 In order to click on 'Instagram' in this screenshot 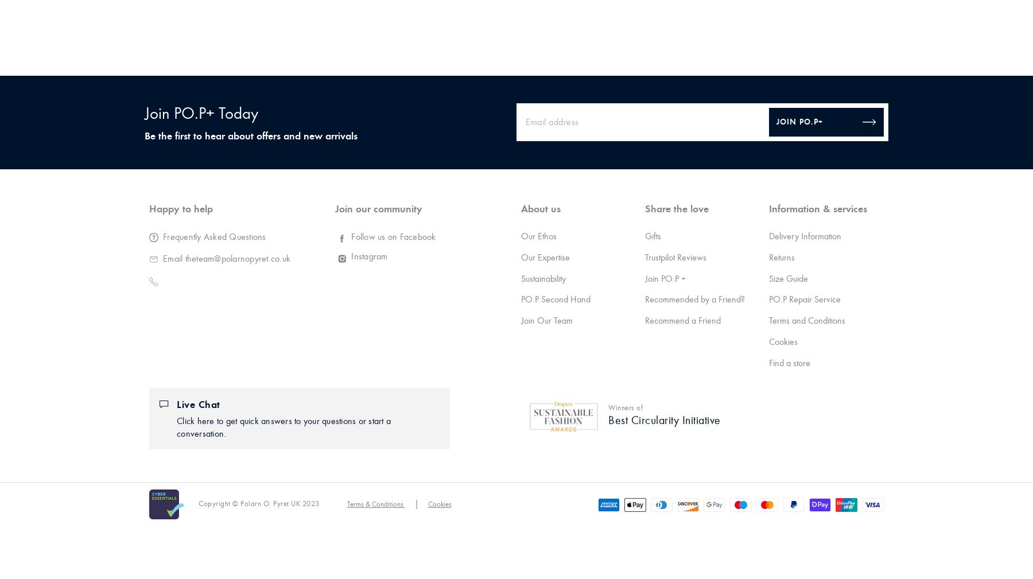, I will do `click(369, 255)`.